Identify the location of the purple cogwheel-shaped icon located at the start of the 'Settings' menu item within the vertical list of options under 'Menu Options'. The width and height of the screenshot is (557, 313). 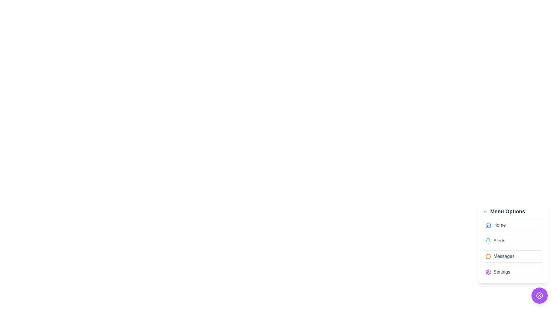
(488, 272).